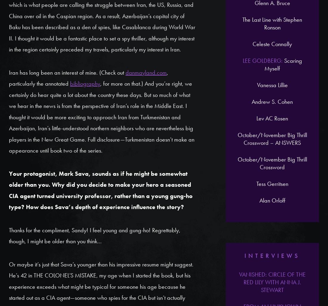  I want to click on 'Subscribe', so click(229, 106).